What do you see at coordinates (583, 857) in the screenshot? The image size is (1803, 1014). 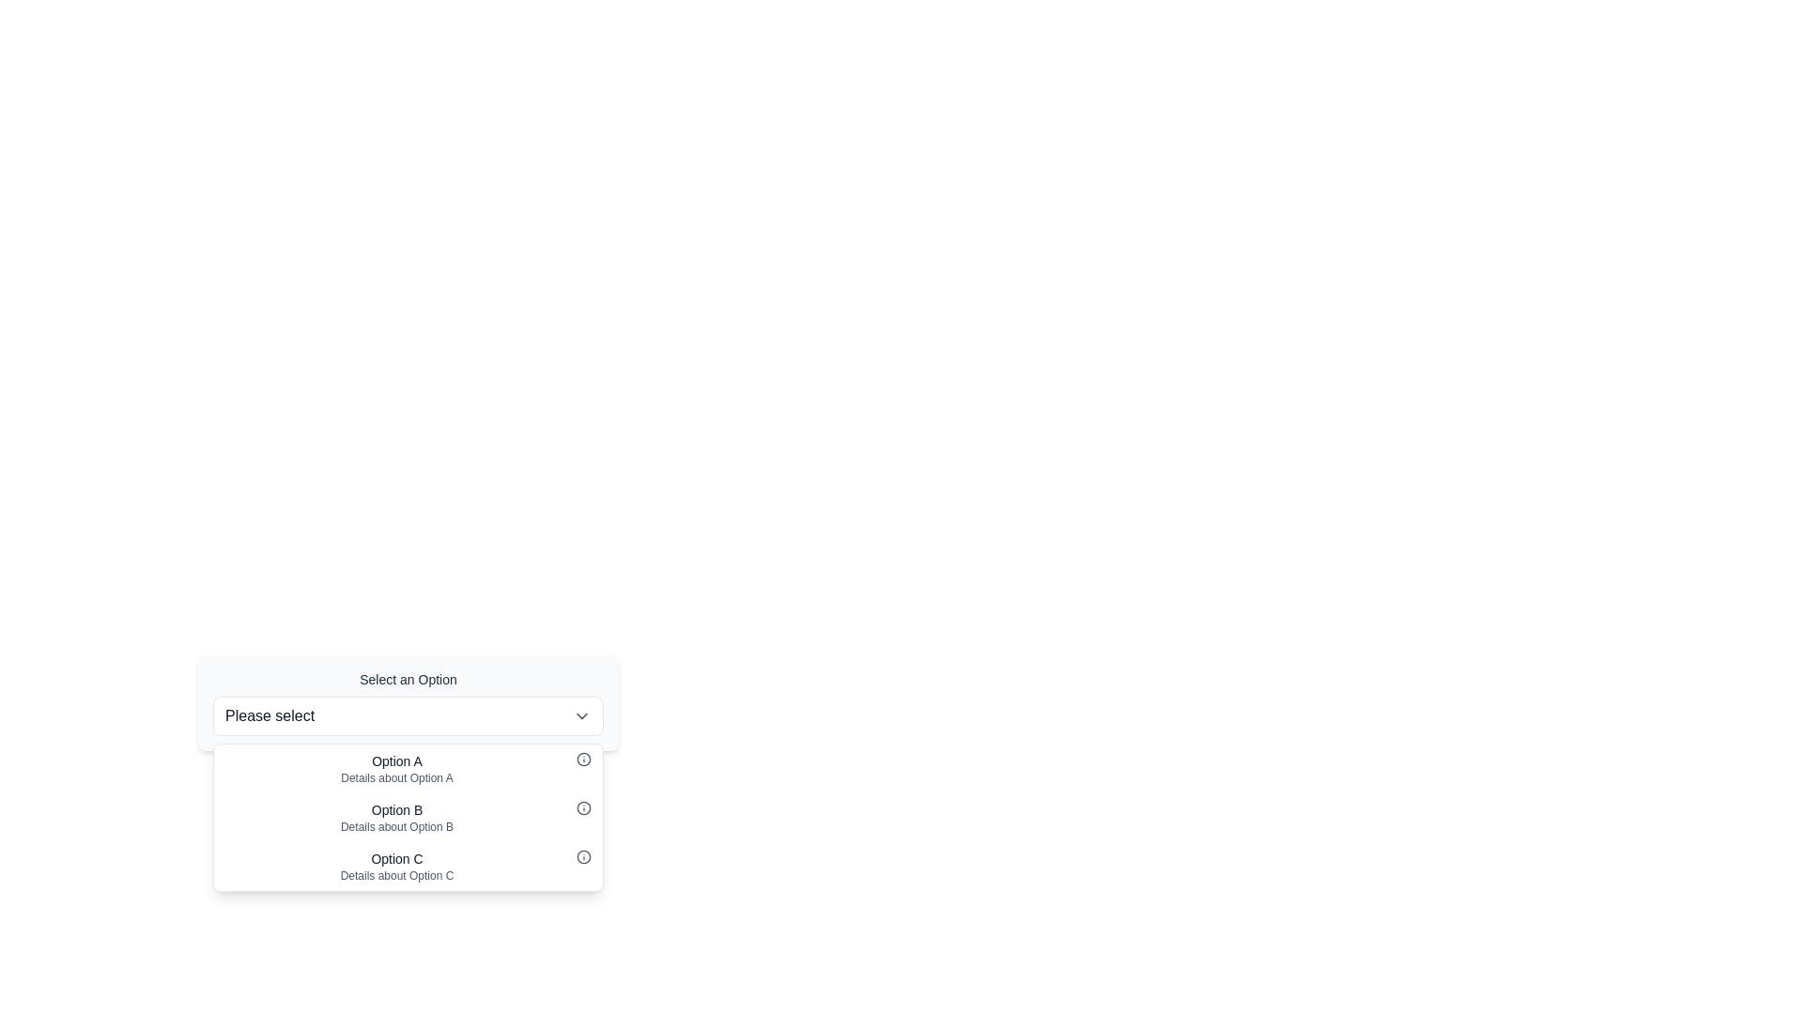 I see `the SVG circle representing 'Option C'` at bounding box center [583, 857].